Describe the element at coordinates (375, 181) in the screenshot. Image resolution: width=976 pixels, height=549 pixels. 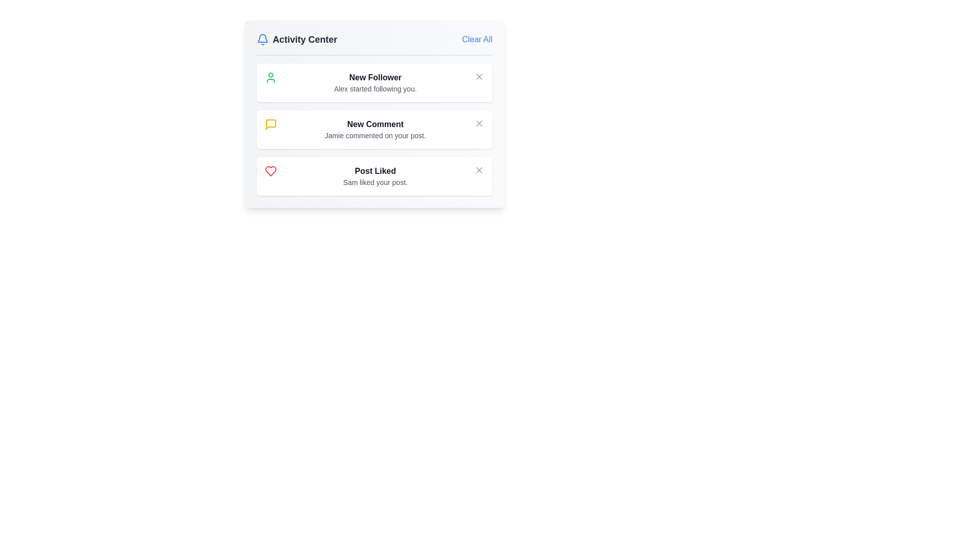
I see `the static text displaying 'Sam liked your post.' located beneath the bold title 'Post Liked' in the notification card` at that location.